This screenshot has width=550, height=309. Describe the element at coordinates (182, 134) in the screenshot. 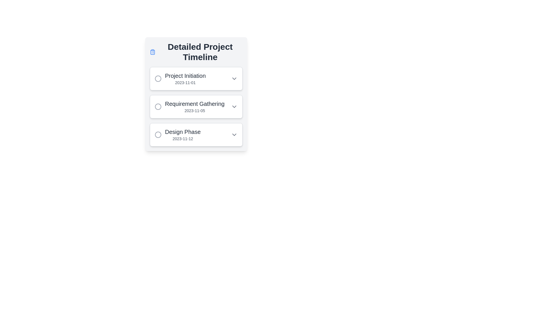

I see `the third item in the vertically stacked list that displays the title and date for the Design Phase` at that location.